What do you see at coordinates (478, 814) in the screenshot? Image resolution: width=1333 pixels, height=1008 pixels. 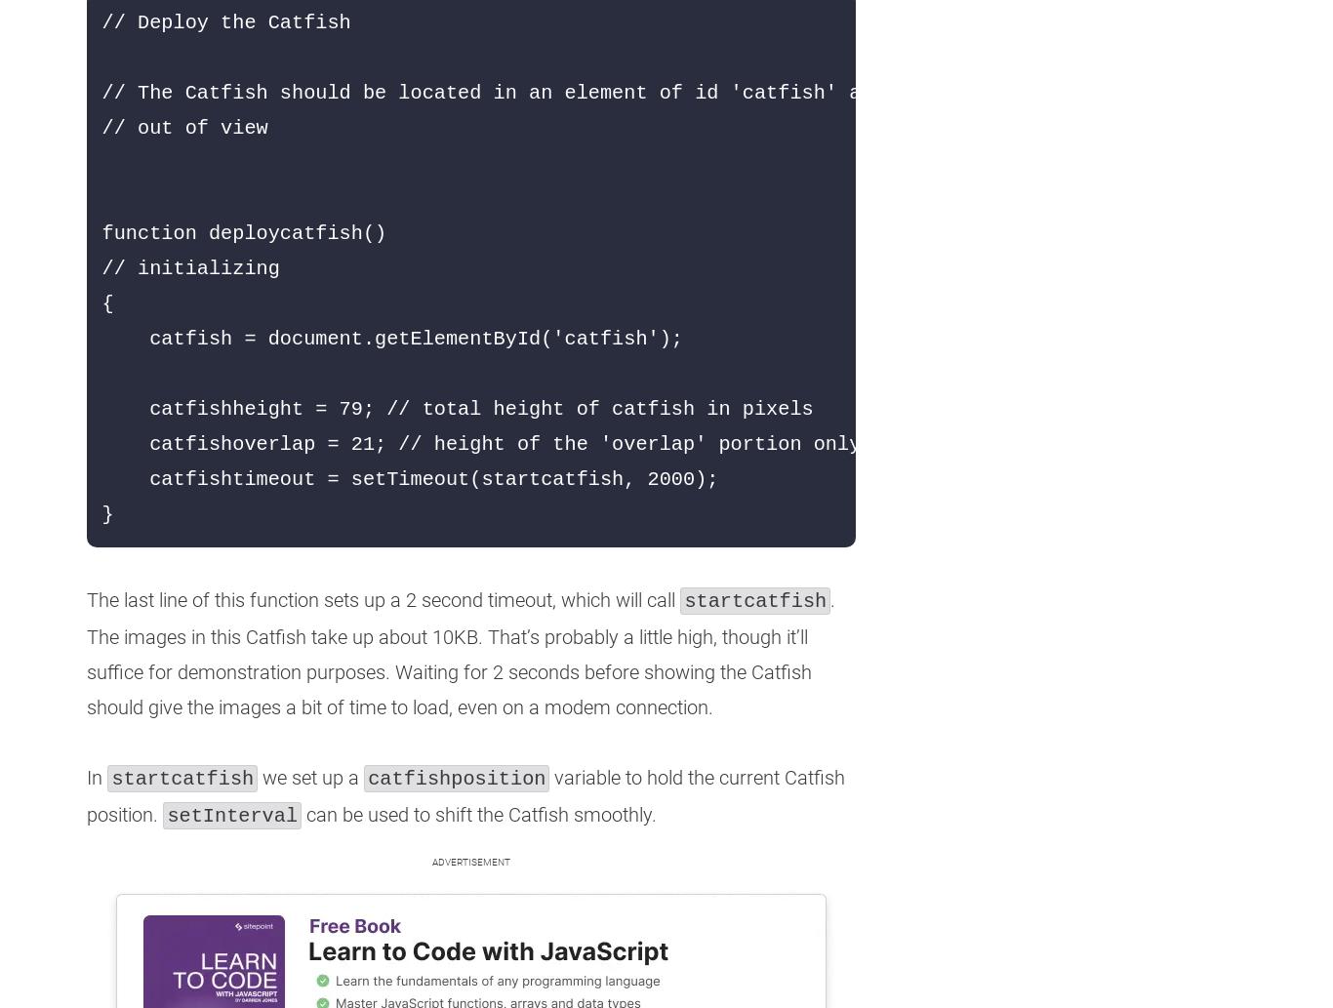 I see `'can be used to shift the Catfish smoothly.'` at bounding box center [478, 814].